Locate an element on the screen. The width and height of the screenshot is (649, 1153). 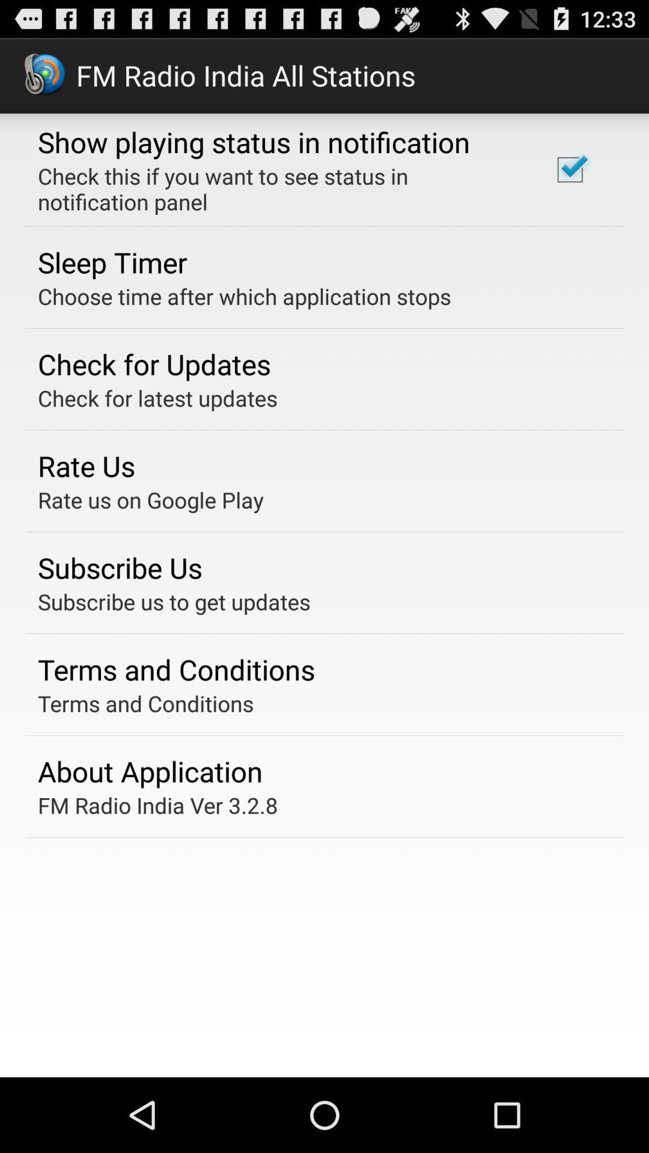
the icon at the top right corner is located at coordinates (569, 169).